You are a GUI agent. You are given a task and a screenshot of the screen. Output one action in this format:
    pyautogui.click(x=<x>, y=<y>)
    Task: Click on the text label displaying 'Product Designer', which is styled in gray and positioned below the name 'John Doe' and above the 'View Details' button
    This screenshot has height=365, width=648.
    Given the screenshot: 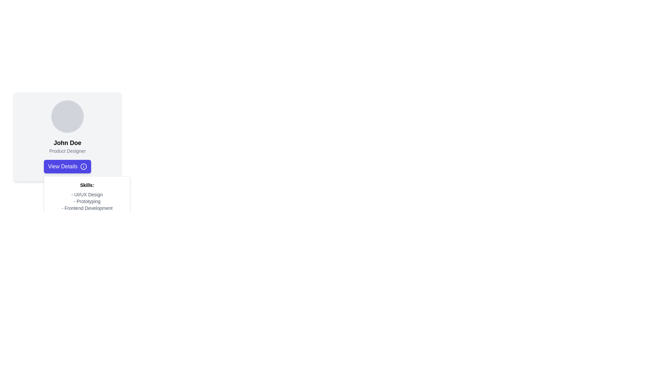 What is the action you would take?
    pyautogui.click(x=67, y=151)
    